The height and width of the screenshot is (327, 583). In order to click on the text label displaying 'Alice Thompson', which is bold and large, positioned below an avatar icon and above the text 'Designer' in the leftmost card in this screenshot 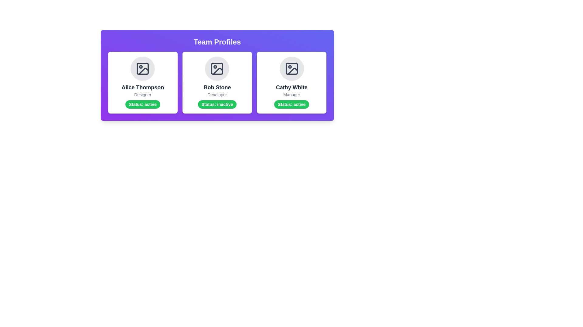, I will do `click(142, 88)`.